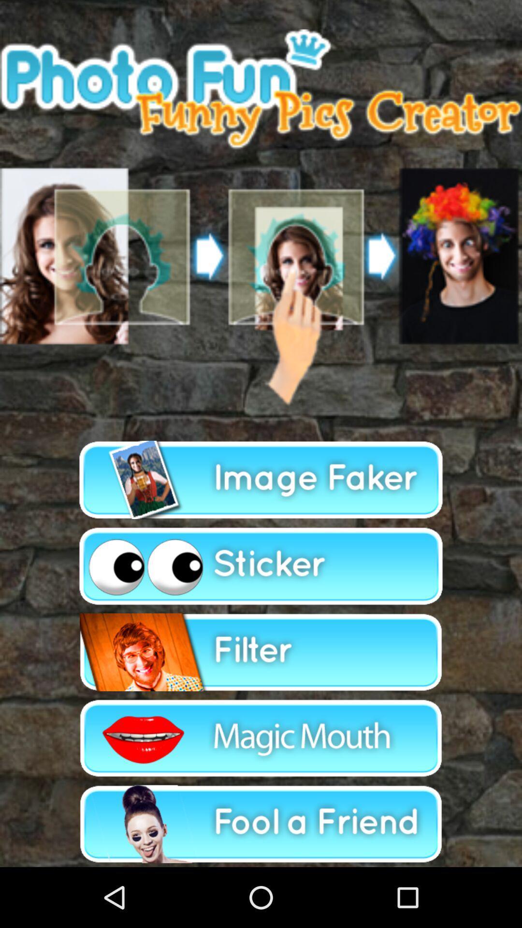 This screenshot has width=522, height=928. Describe the element at coordinates (261, 480) in the screenshot. I see `pic creator` at that location.